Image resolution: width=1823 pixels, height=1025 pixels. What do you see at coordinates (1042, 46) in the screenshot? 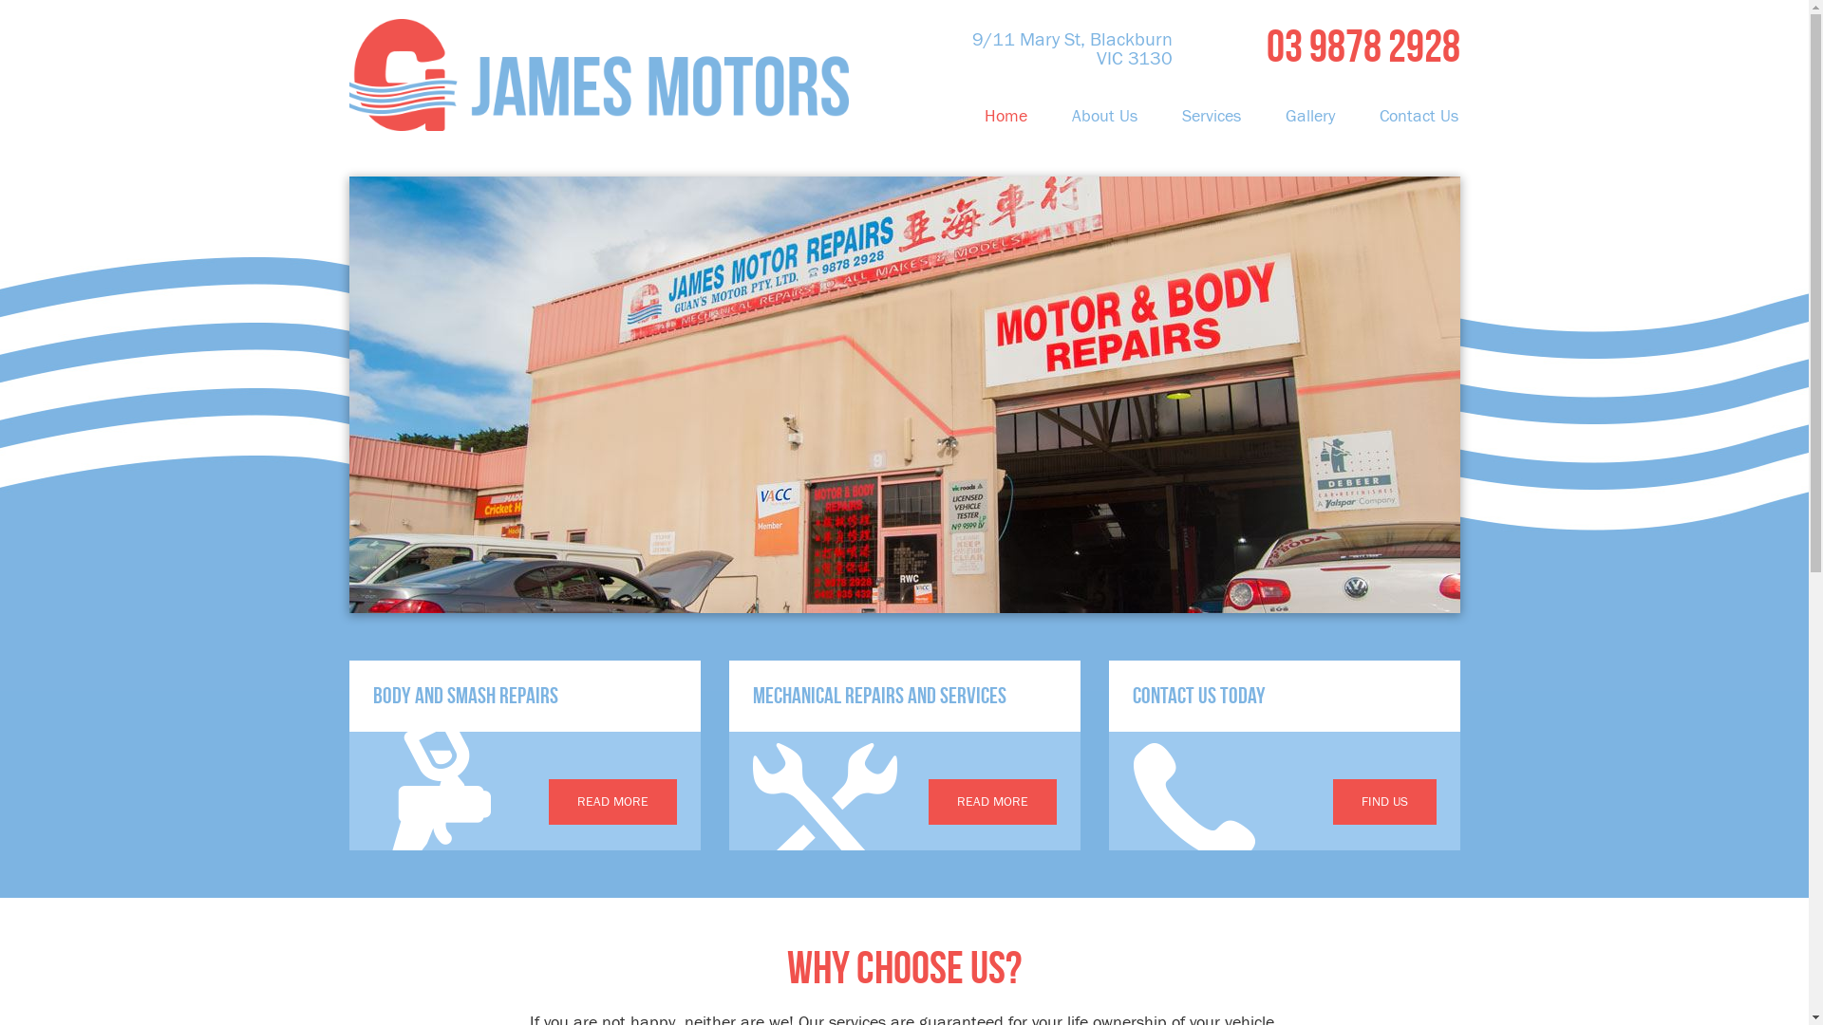
I see `'9/11 Mary St, Blackburn` at bounding box center [1042, 46].